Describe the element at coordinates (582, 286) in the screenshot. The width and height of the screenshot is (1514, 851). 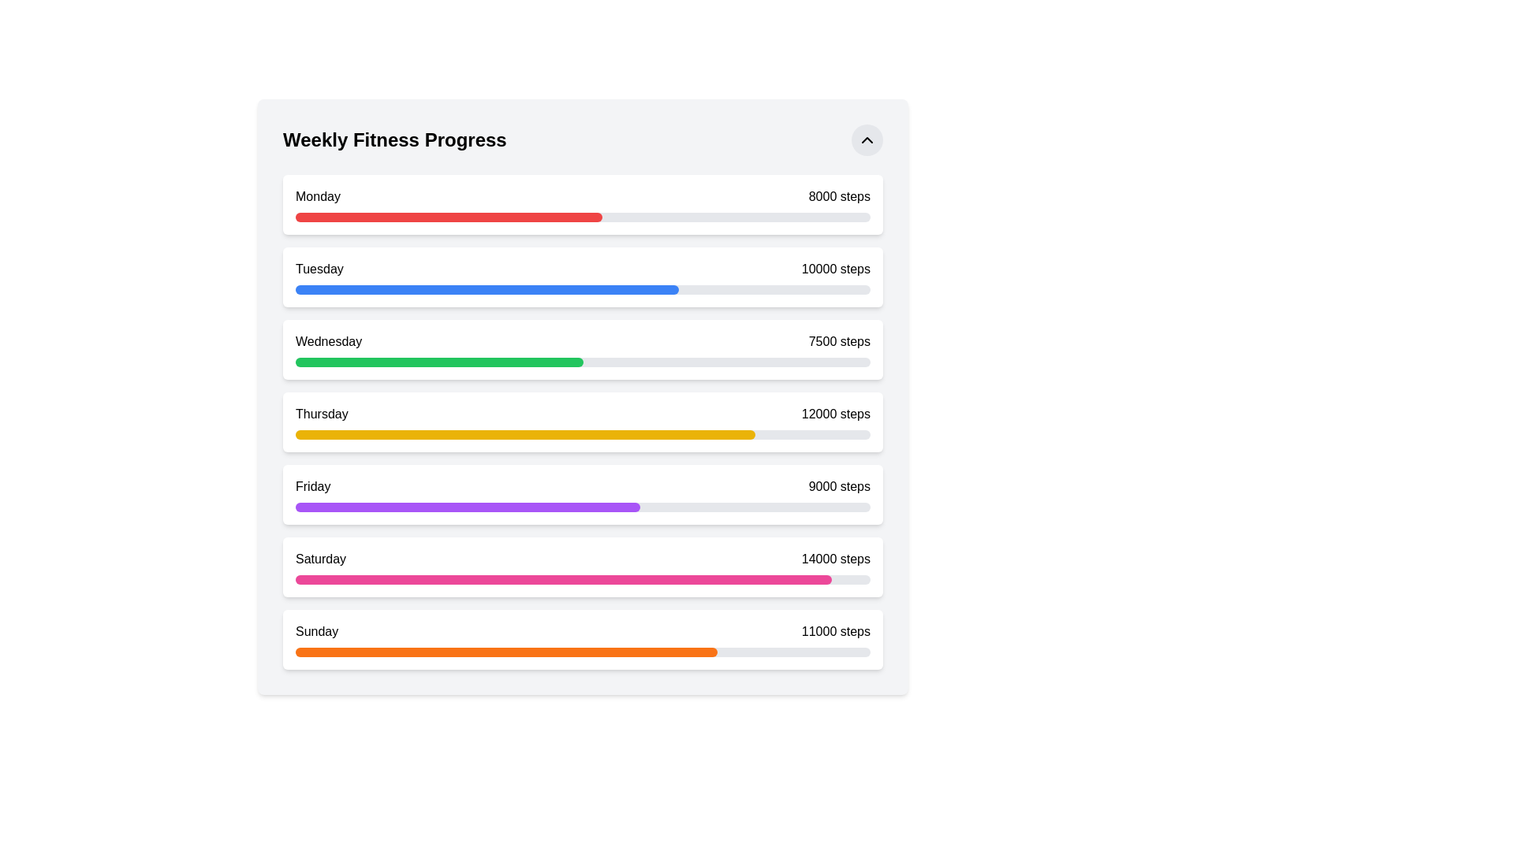
I see `the progress bar indicating steps taken for 'Tuesday', located below the text 'Tuesday' and '10000 steps', as the second item in the list of progress indicators` at that location.